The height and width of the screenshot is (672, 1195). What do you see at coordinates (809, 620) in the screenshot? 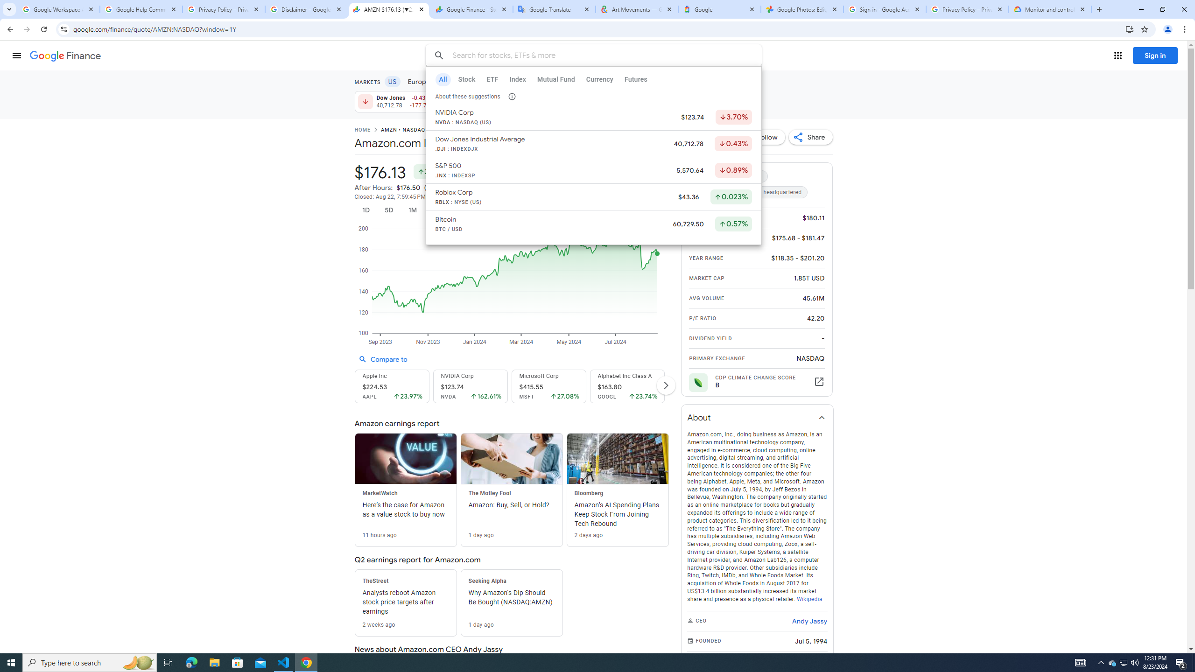
I see `'Andy Jassy'` at bounding box center [809, 620].